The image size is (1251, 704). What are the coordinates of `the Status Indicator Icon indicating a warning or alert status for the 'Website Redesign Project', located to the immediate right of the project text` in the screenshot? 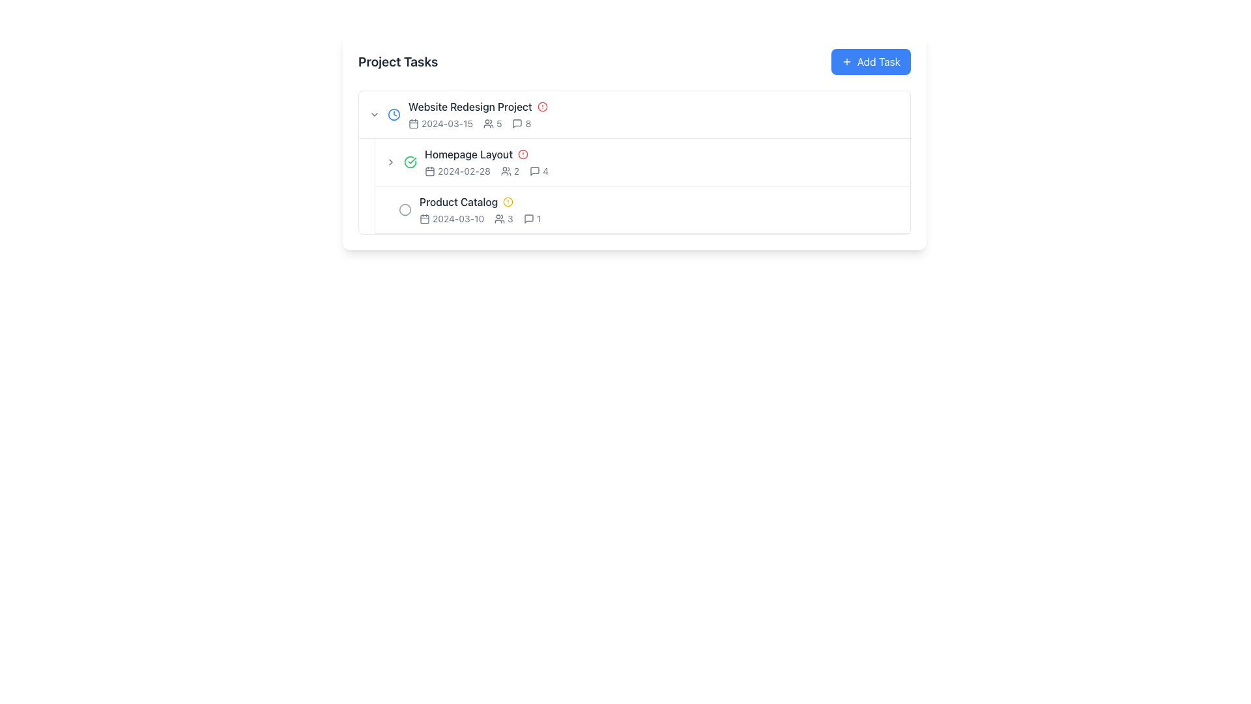 It's located at (542, 106).